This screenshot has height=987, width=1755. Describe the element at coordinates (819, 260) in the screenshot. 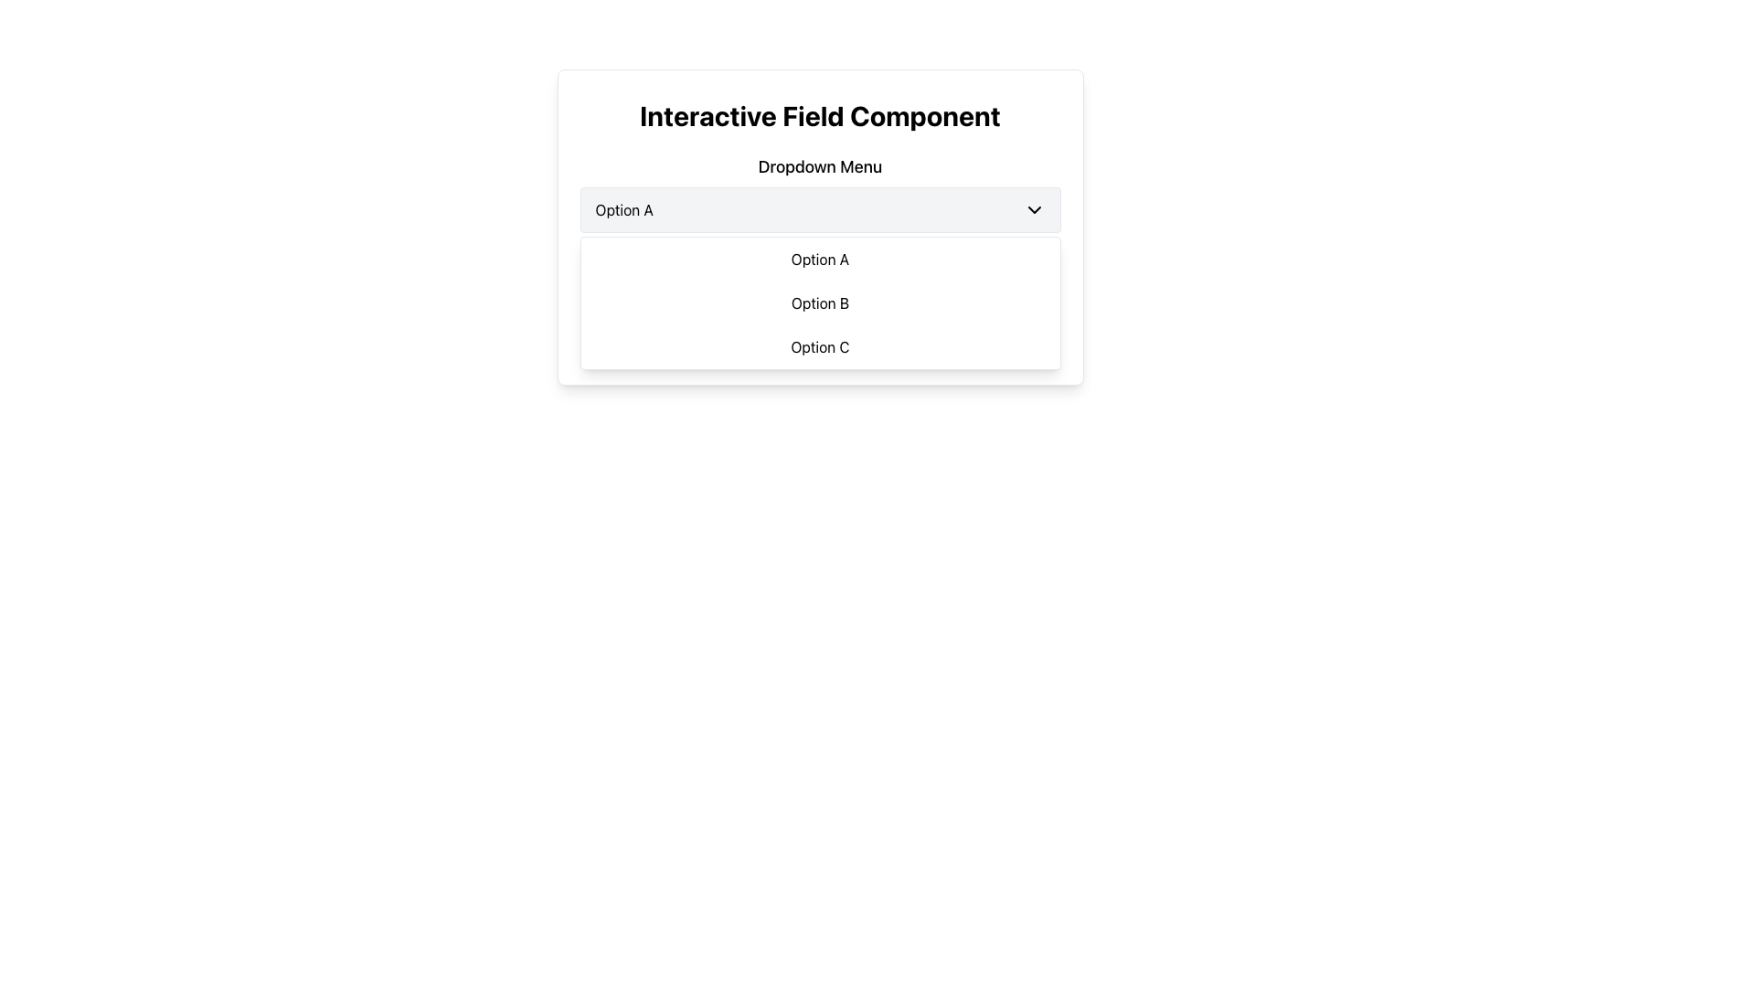

I see `the first dropdown option labeled 'Option A'` at that location.